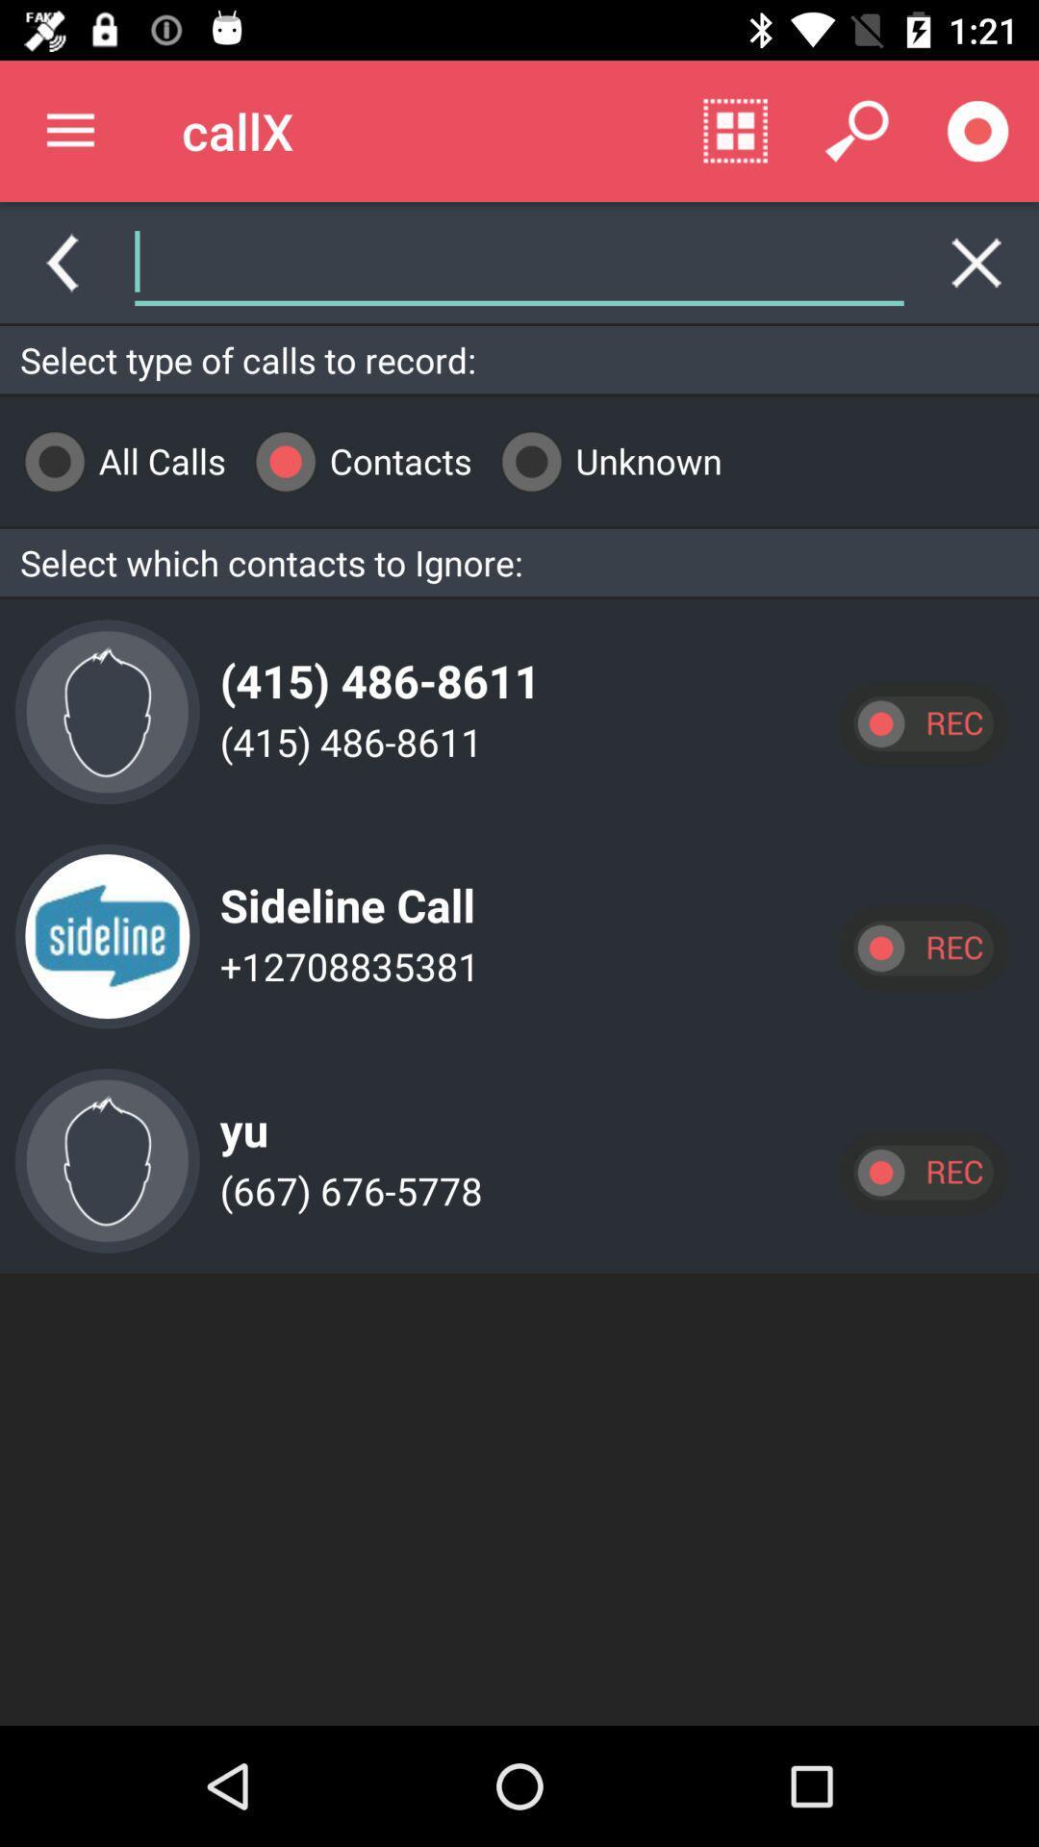  I want to click on search contact, so click(519, 262).